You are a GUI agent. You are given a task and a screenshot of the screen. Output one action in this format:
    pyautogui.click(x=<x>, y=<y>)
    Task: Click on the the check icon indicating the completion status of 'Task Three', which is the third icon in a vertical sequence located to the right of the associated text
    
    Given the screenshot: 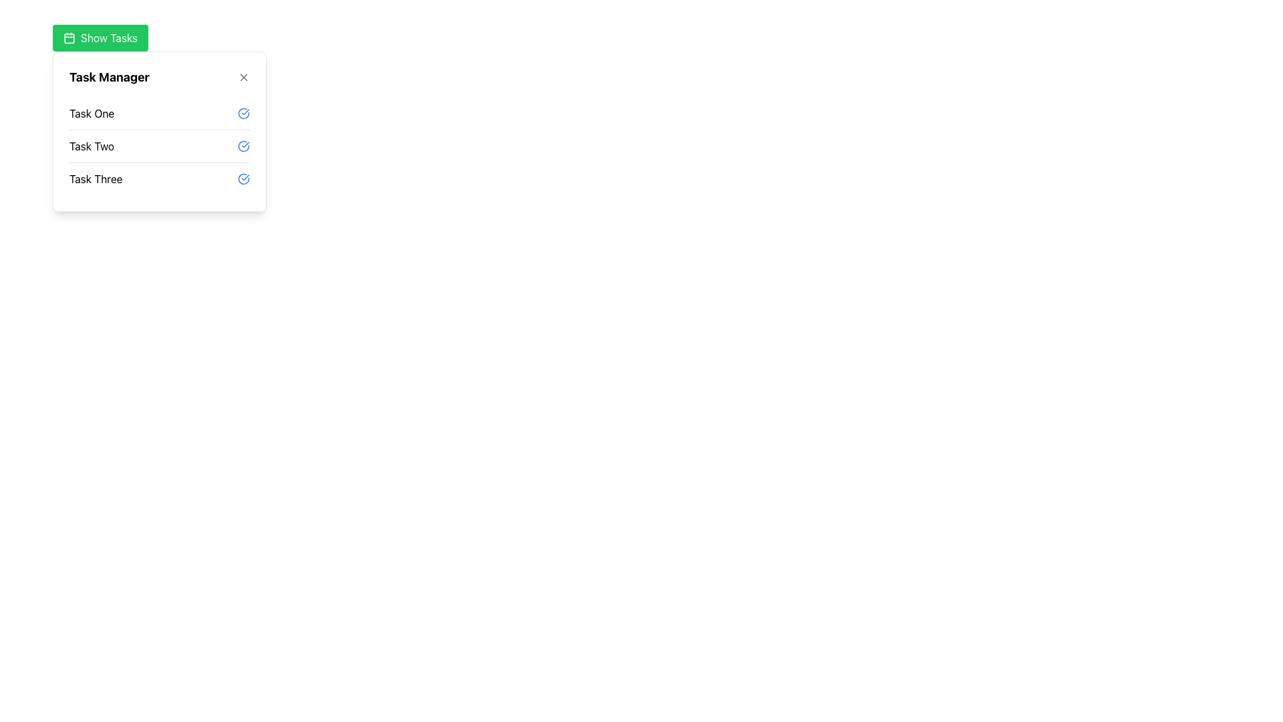 What is the action you would take?
    pyautogui.click(x=243, y=178)
    